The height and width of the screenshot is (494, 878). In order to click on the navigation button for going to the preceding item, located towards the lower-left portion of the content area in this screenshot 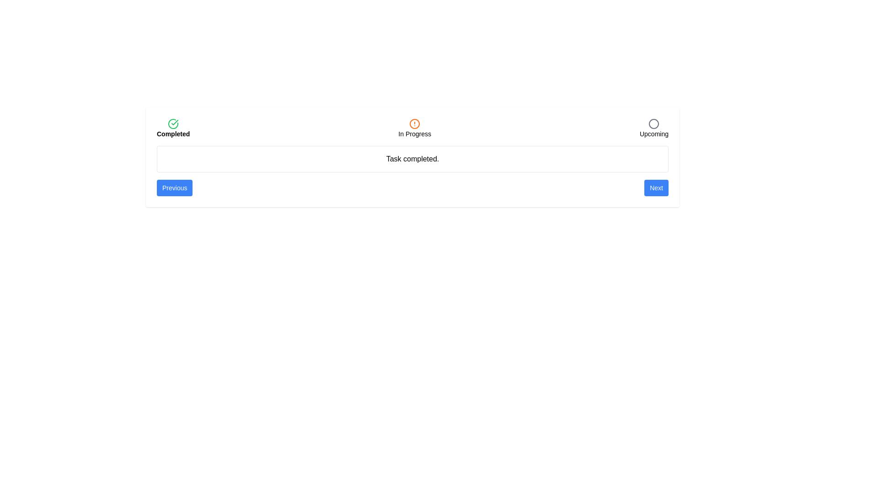, I will do `click(175, 188)`.